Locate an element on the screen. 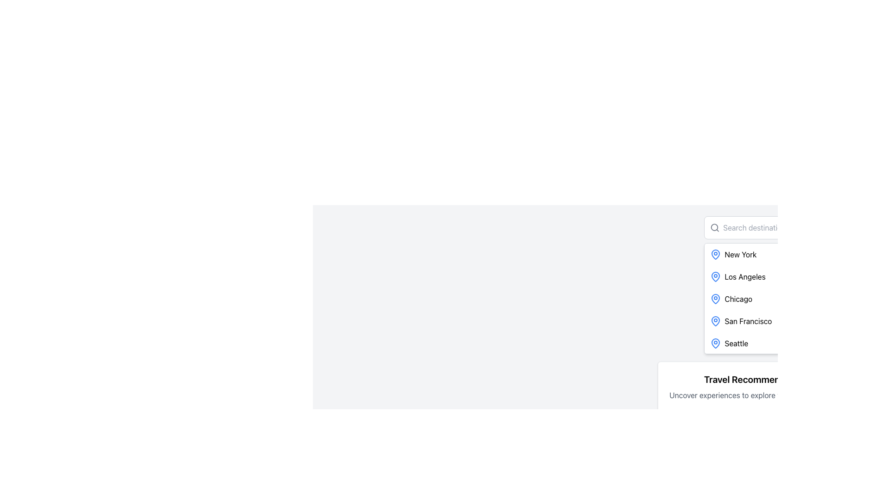 The image size is (890, 500). the magnifying glass icon, which features a circular lens and a slanted handle, located adjacent to the 'Search destination...' input field is located at coordinates (714, 228).